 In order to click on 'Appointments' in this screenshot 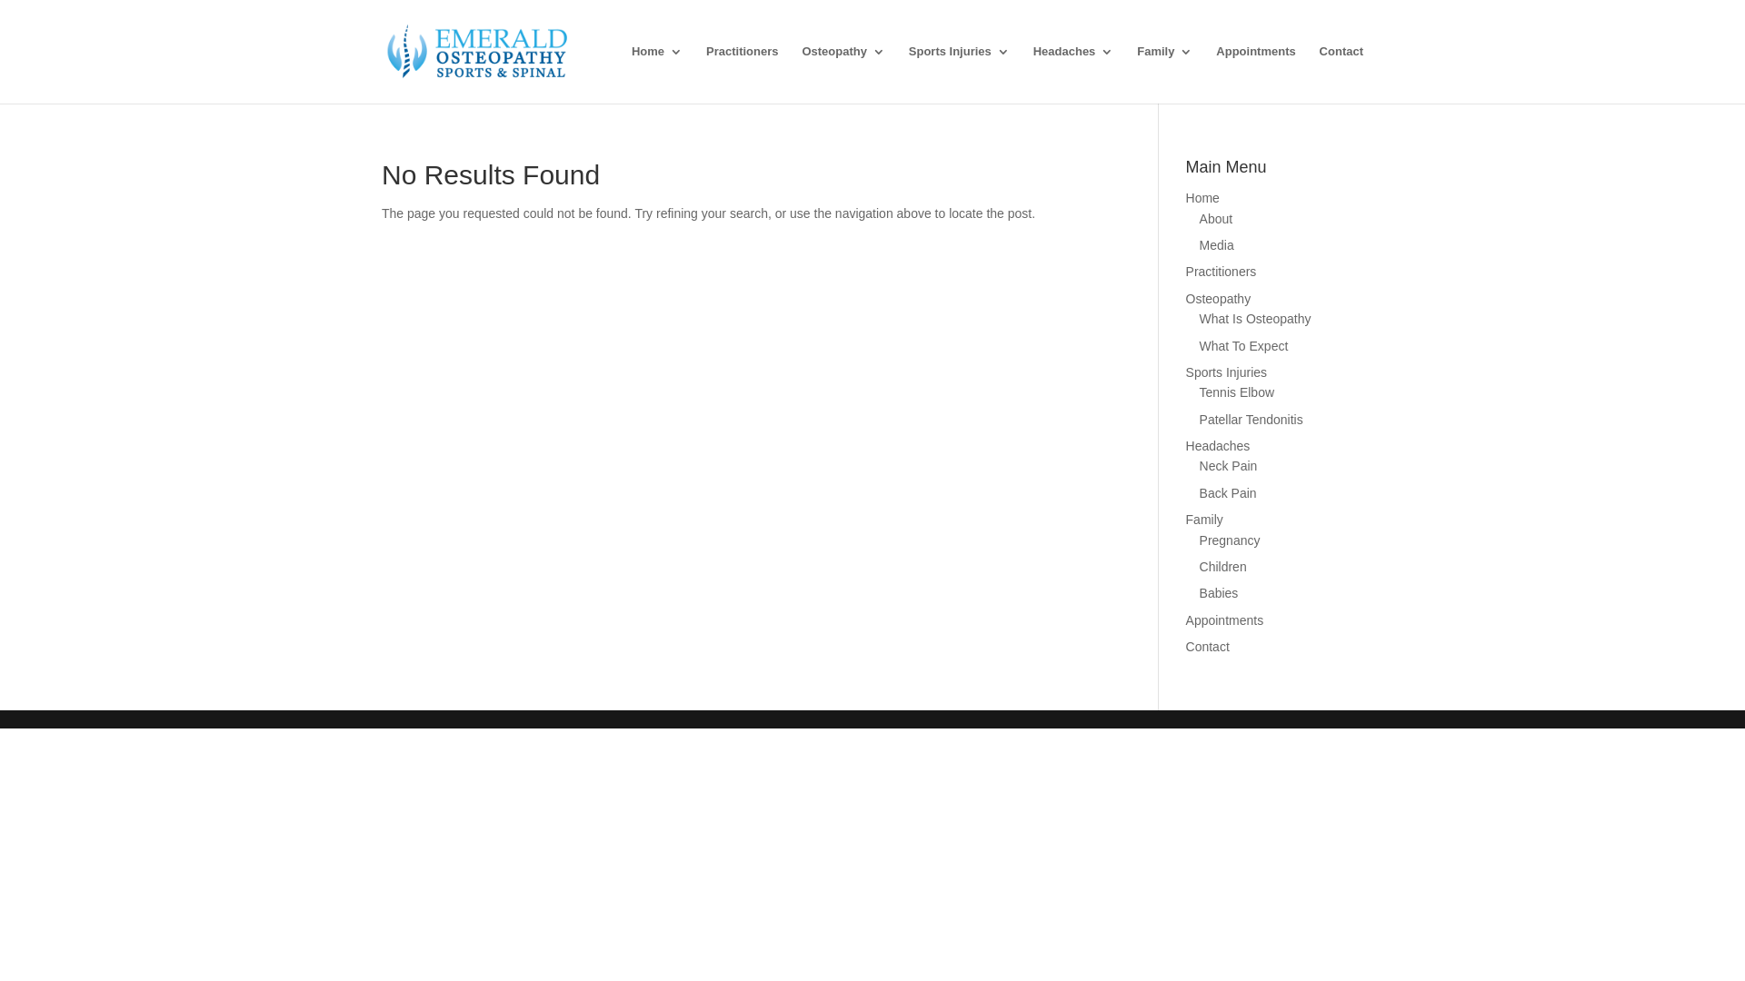, I will do `click(1254, 73)`.